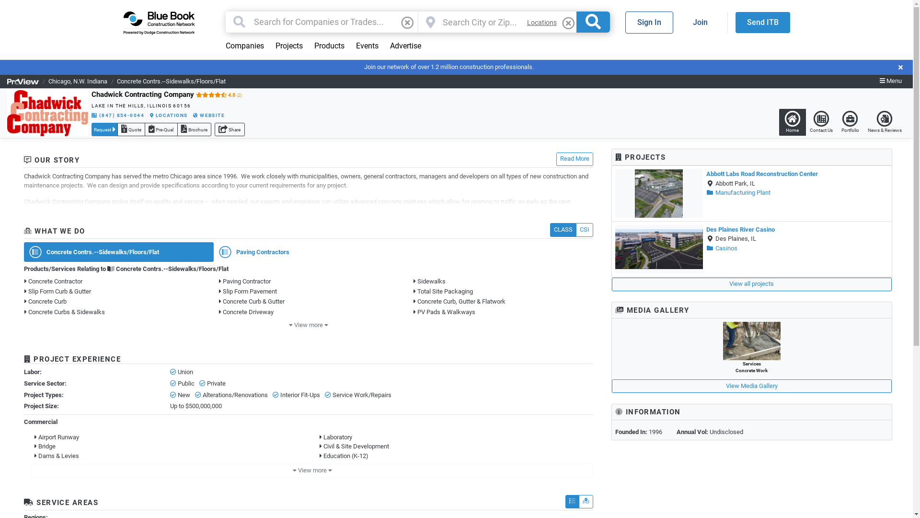 The height and width of the screenshot is (518, 920). I want to click on '(847) 854-0044', so click(92, 115).